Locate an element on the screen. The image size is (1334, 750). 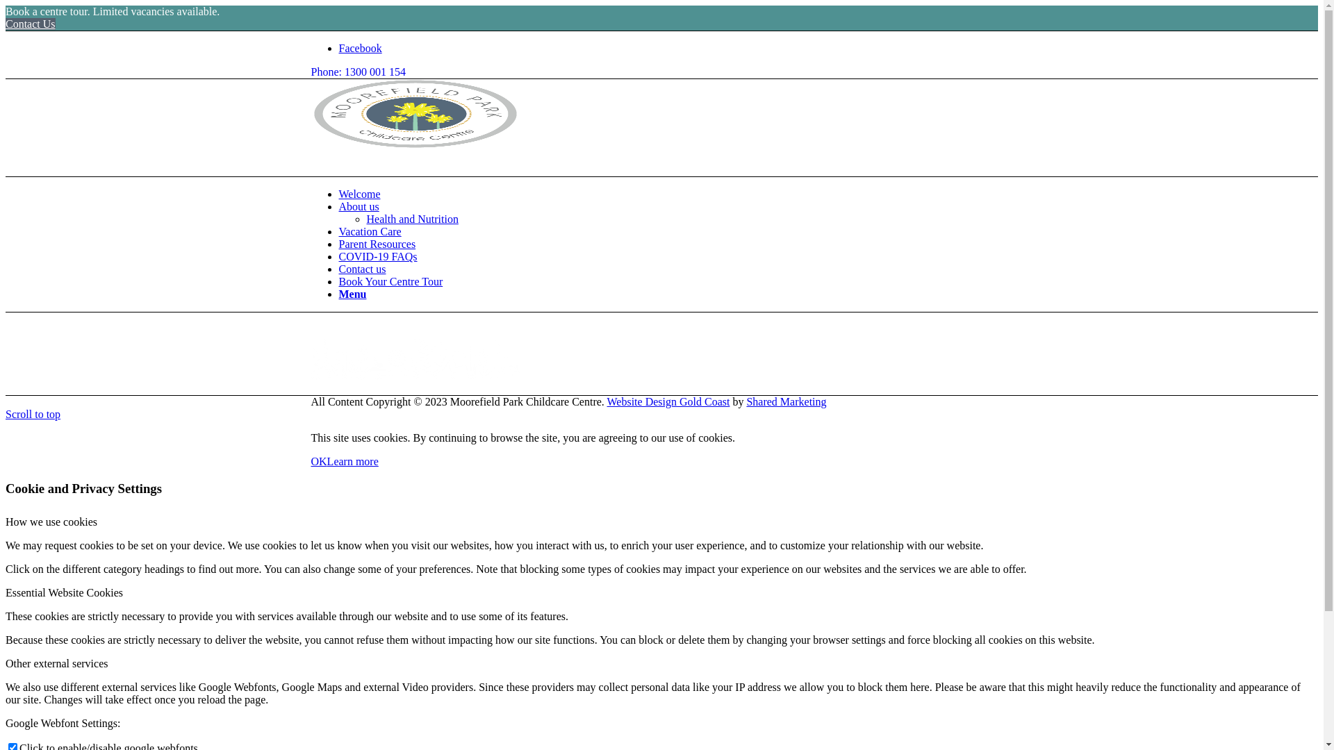
'Parent Resources' is located at coordinates (377, 243).